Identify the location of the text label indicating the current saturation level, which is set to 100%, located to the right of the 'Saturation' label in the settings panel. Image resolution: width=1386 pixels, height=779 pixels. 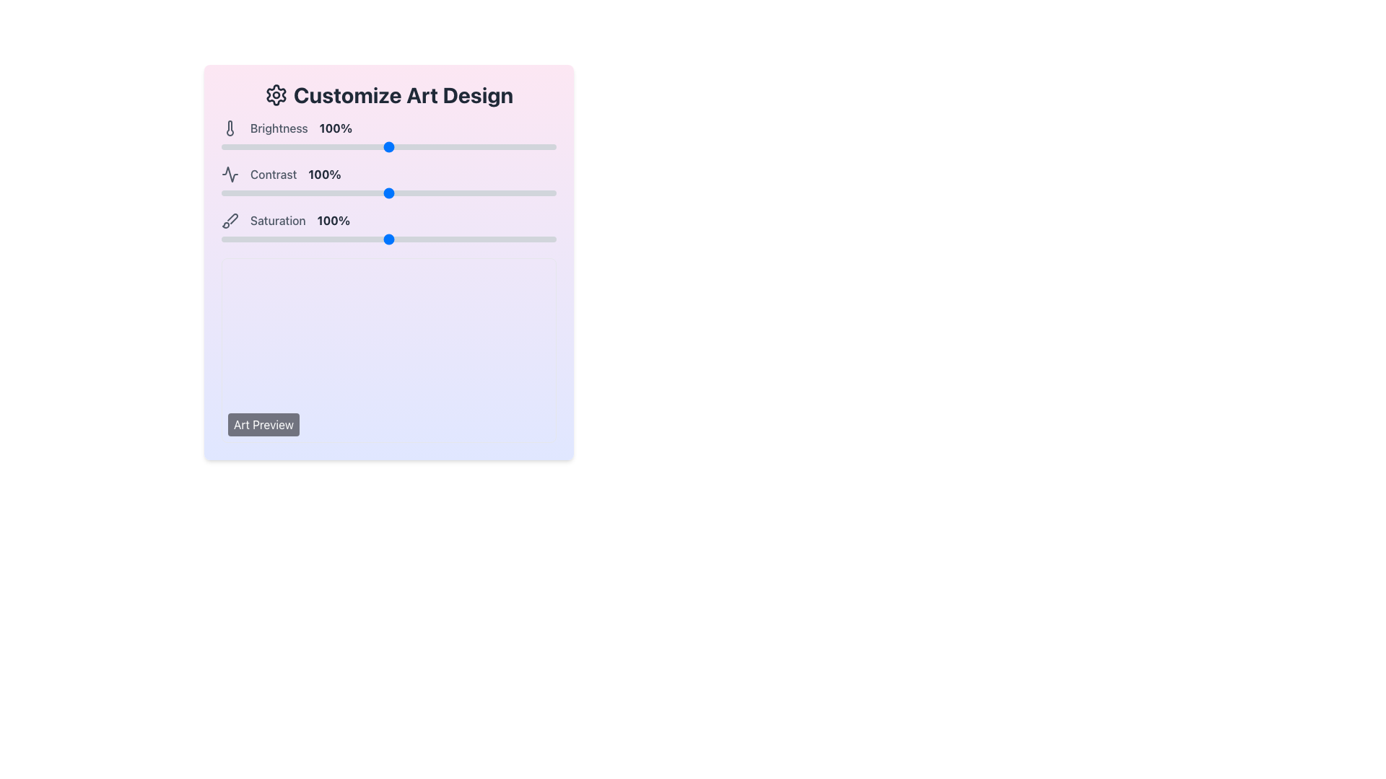
(333, 220).